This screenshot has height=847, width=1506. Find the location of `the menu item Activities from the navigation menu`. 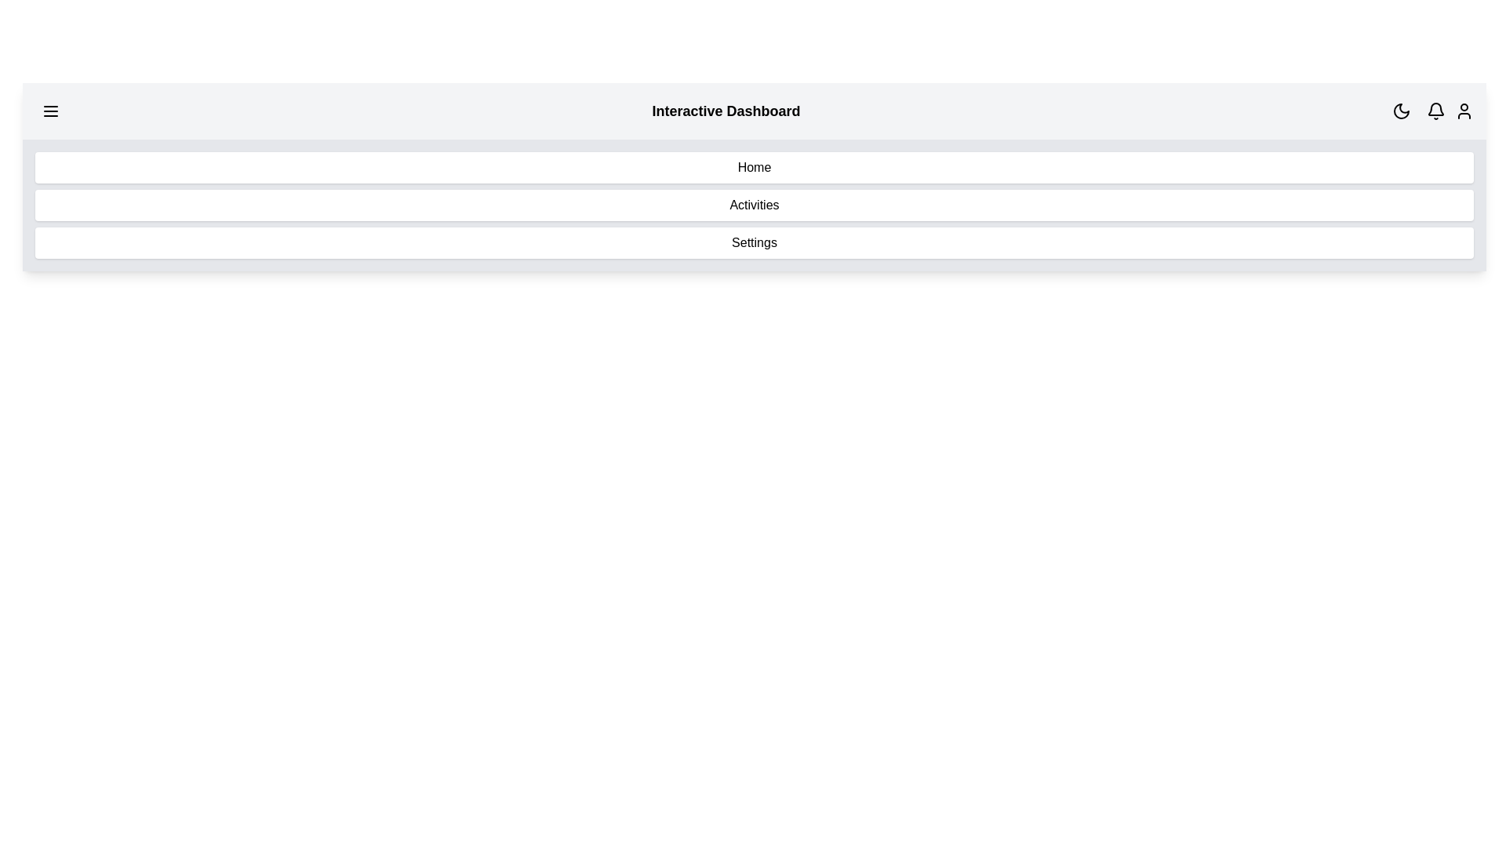

the menu item Activities from the navigation menu is located at coordinates (754, 205).